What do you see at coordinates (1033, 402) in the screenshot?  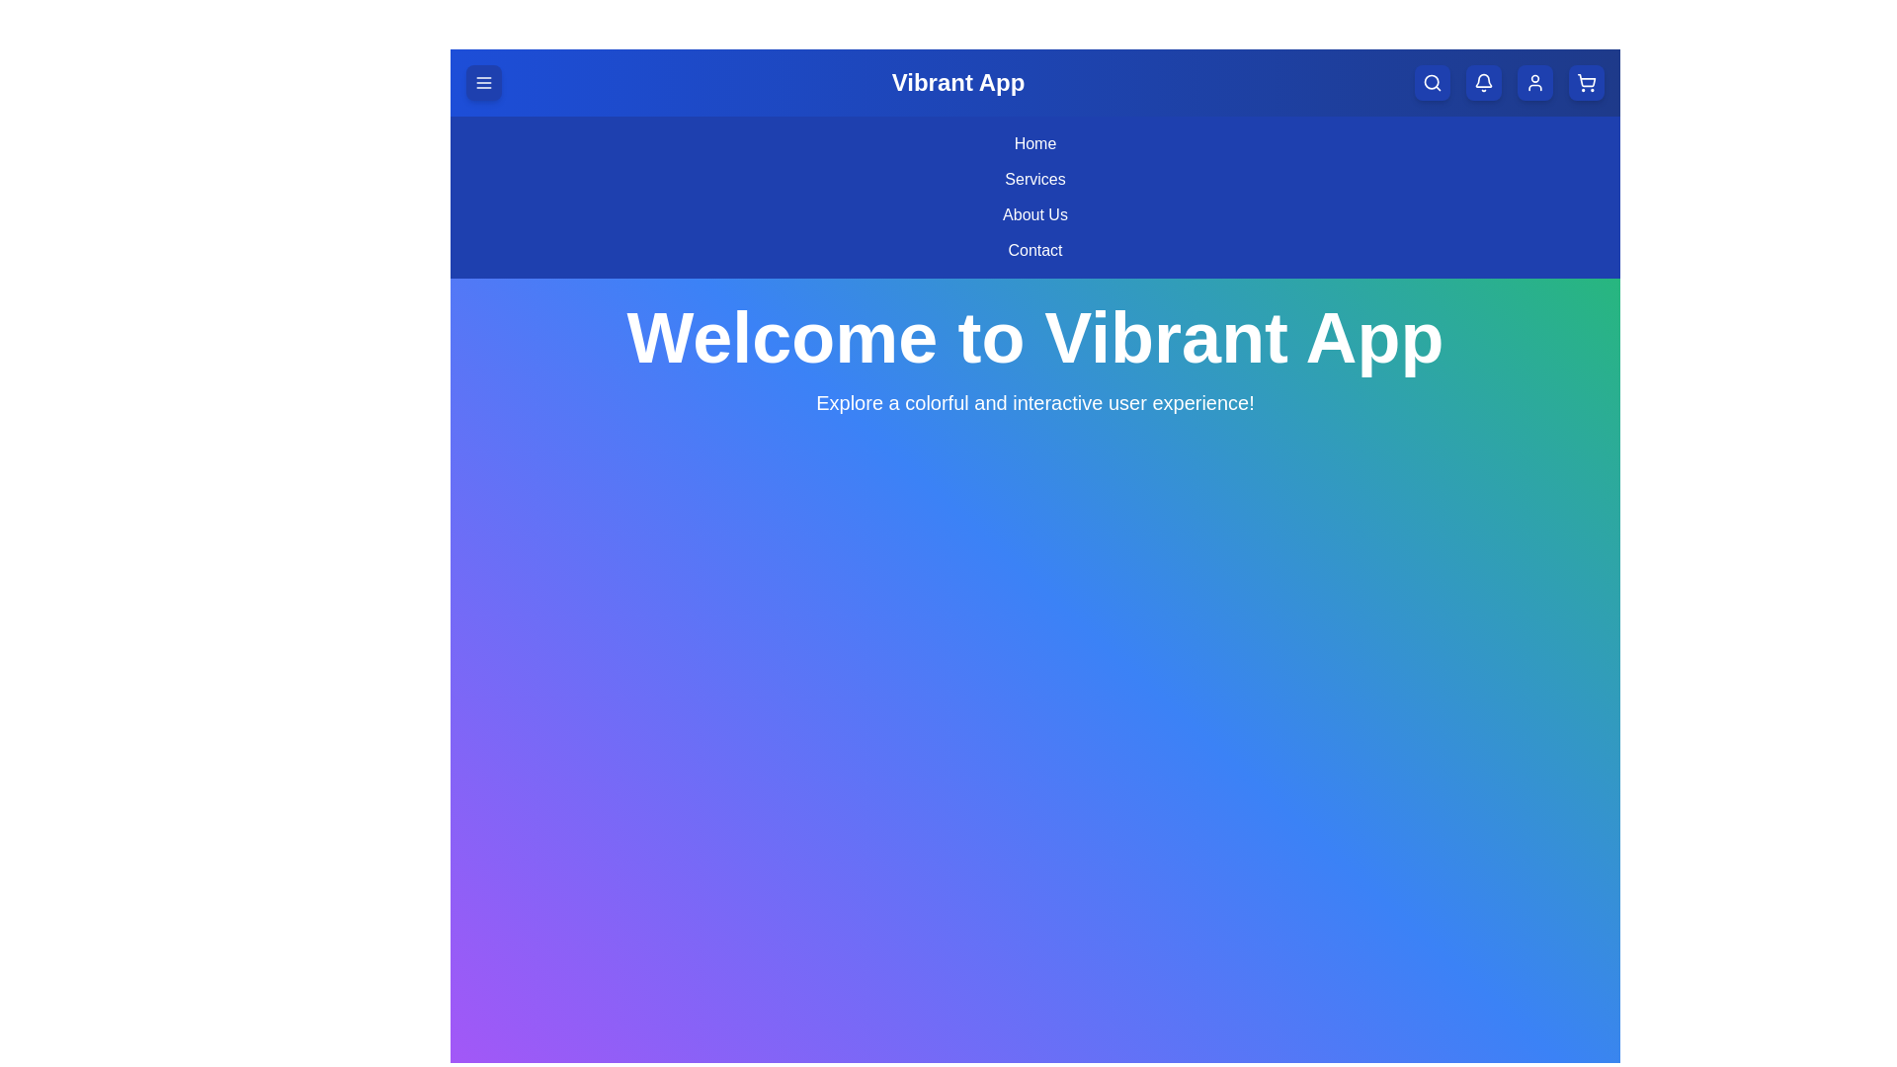 I see `the description text area below the main heading` at bounding box center [1033, 402].